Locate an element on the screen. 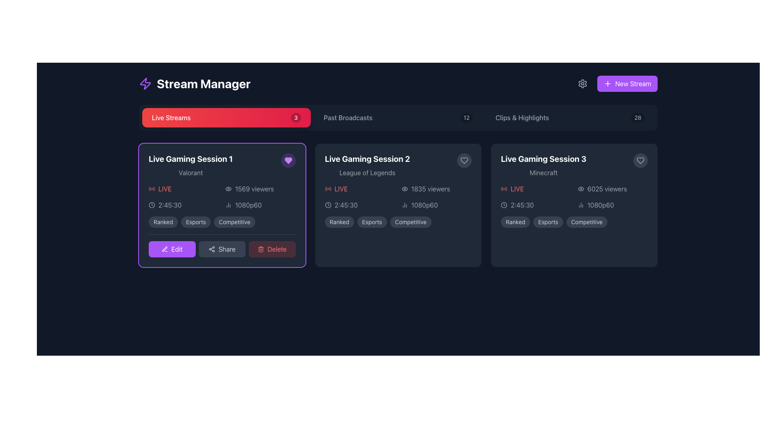  the icon or pictogram located to the left of the '1080p60' text within the 'Live Gaming Session 1' card is located at coordinates (228, 204).